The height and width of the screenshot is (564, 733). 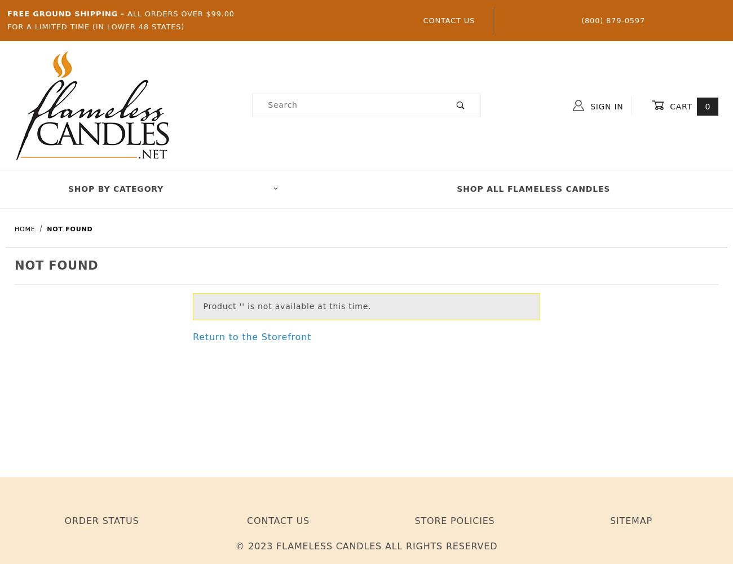 What do you see at coordinates (414, 521) in the screenshot?
I see `'Store Policies'` at bounding box center [414, 521].